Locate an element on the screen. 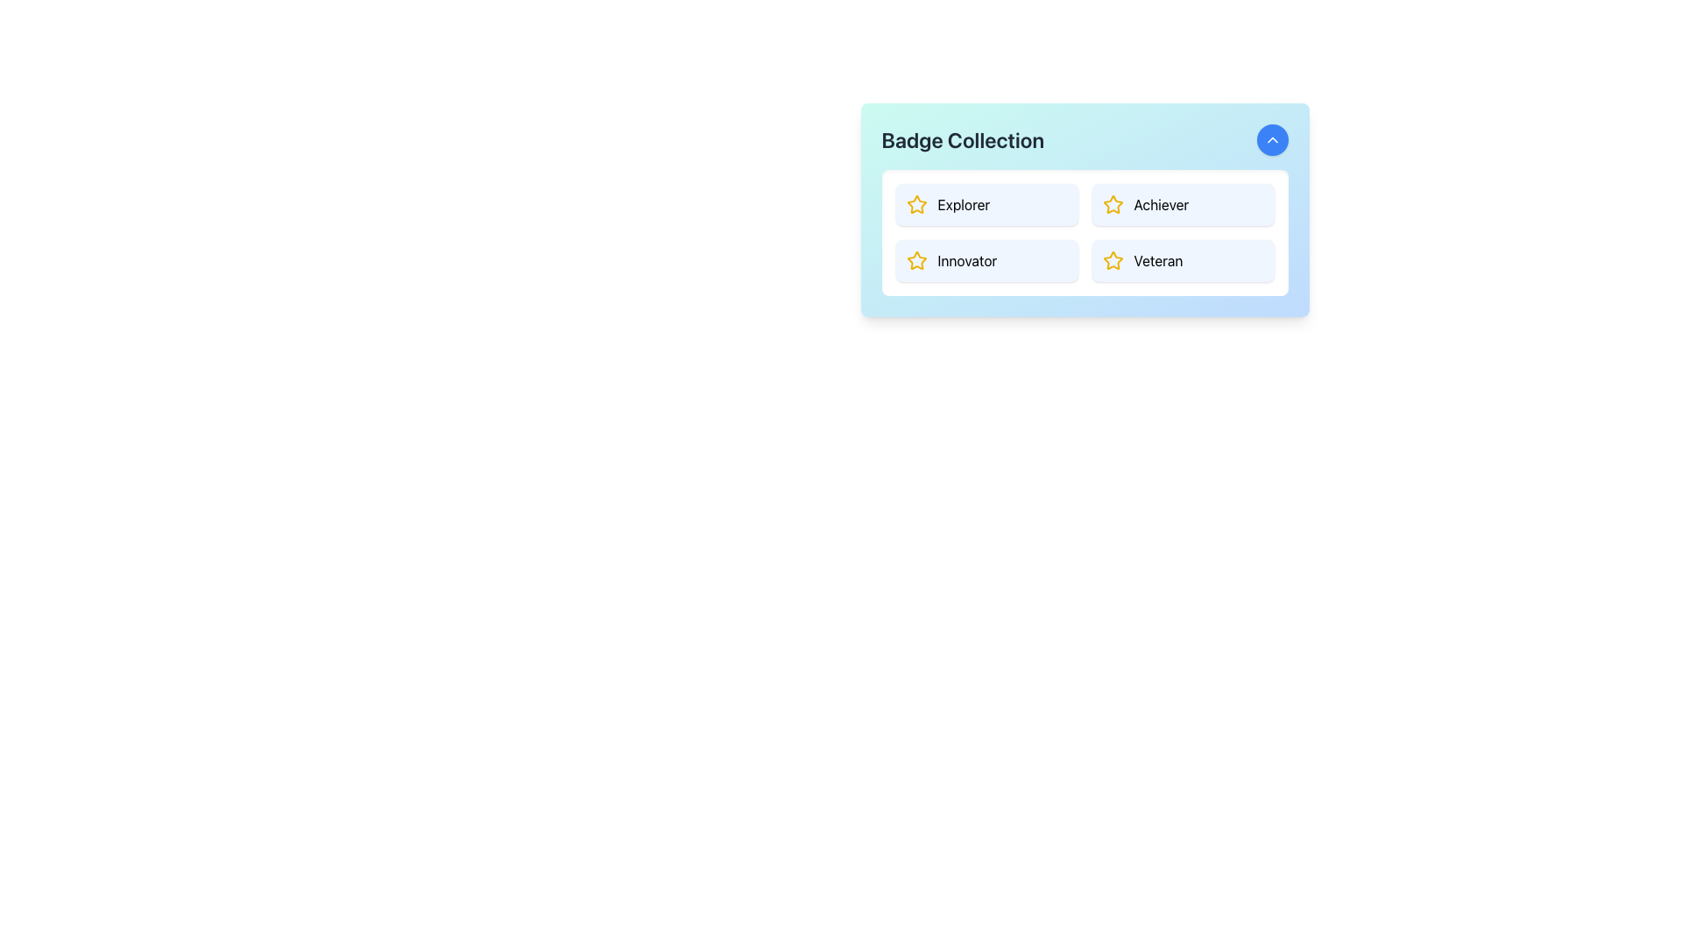 This screenshot has width=1682, height=946. the star icon that signifies a rating or highlight for the 'Veteran' badge, which is located at the bottom-right of the badge list within the 'Badge Collection' card is located at coordinates (1112, 260).